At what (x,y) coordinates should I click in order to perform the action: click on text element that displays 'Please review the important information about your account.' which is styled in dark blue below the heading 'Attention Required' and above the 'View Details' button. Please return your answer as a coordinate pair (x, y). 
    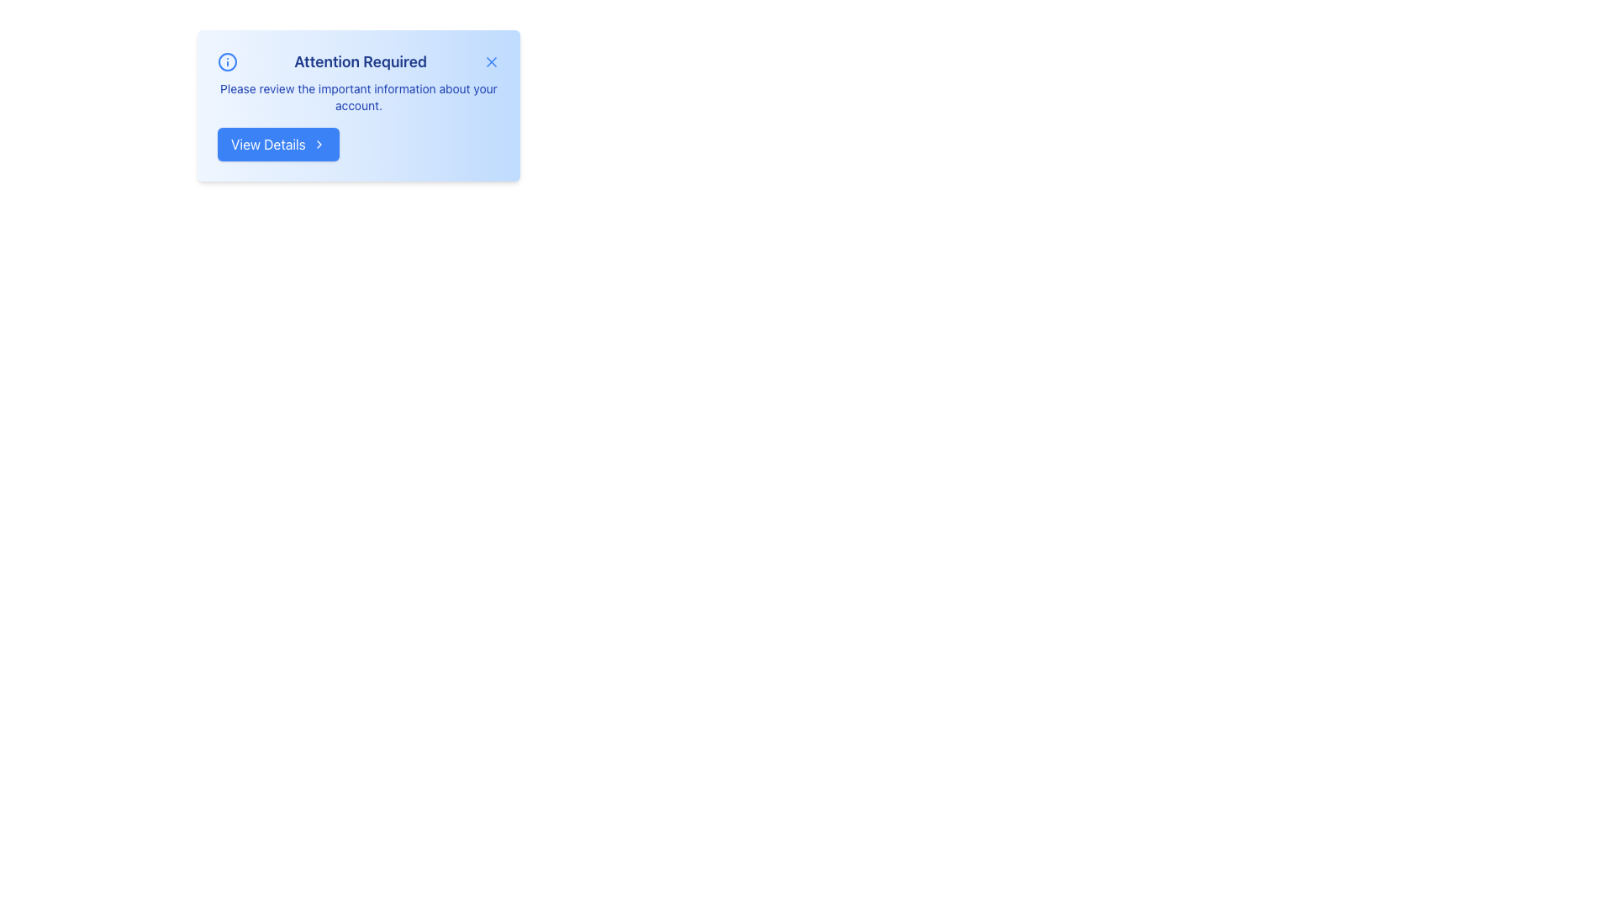
    Looking at the image, I should click on (358, 97).